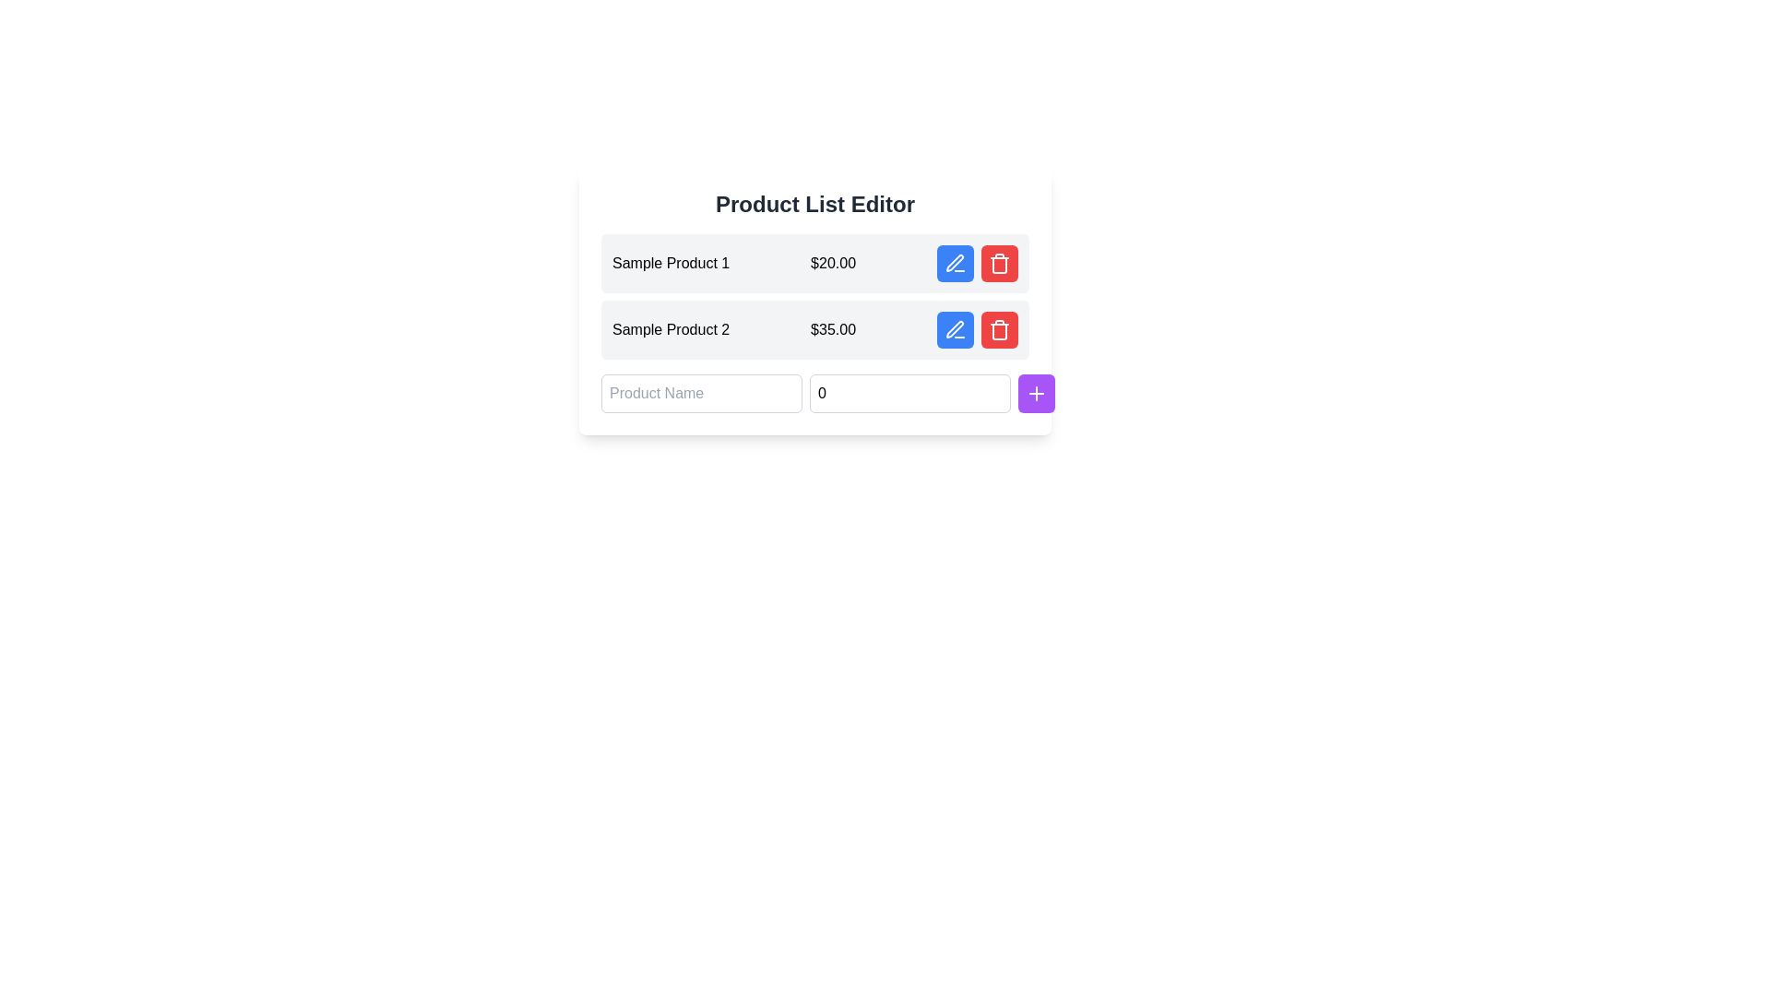 This screenshot has height=996, width=1771. What do you see at coordinates (956, 263) in the screenshot?
I see `the 'edit' icon within the blue button on the right side of the first row in the product list table for 'Sample Product 1'` at bounding box center [956, 263].